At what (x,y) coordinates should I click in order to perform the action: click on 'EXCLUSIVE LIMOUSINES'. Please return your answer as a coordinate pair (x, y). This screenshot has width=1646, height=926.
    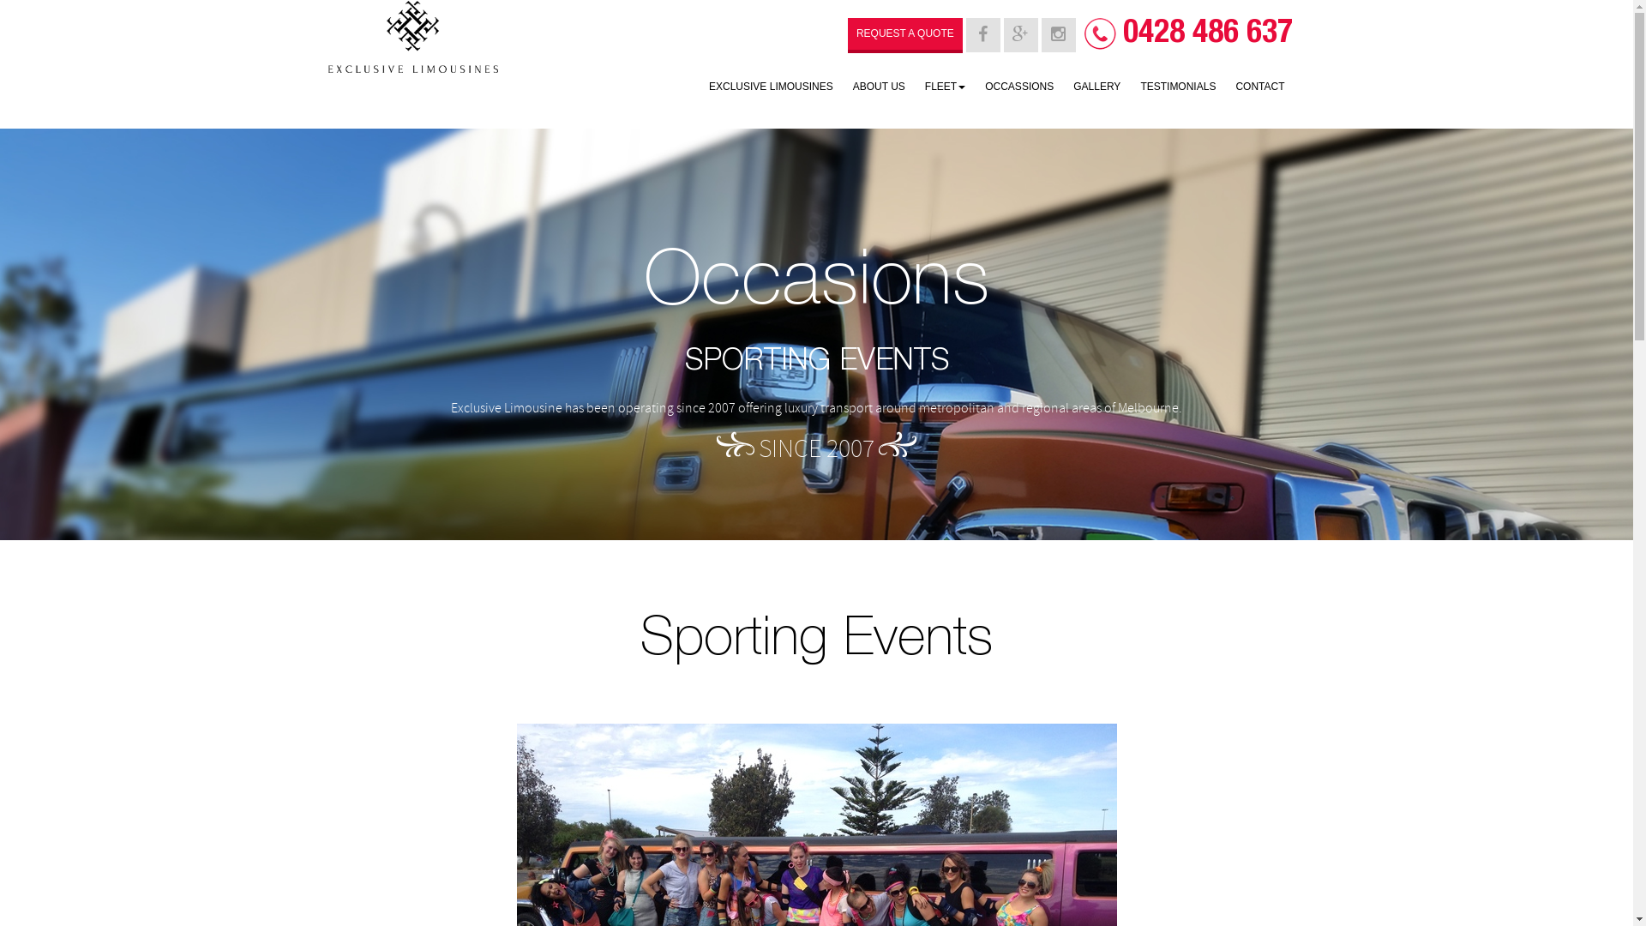
    Looking at the image, I should click on (770, 88).